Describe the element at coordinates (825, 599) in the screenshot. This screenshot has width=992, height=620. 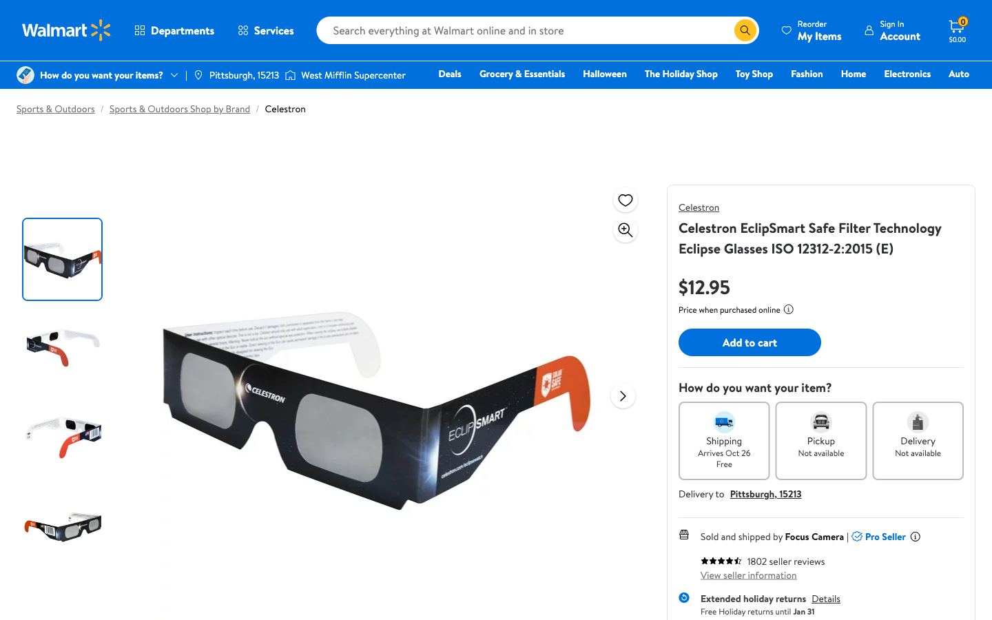
I see `View different return options available for the current product` at that location.